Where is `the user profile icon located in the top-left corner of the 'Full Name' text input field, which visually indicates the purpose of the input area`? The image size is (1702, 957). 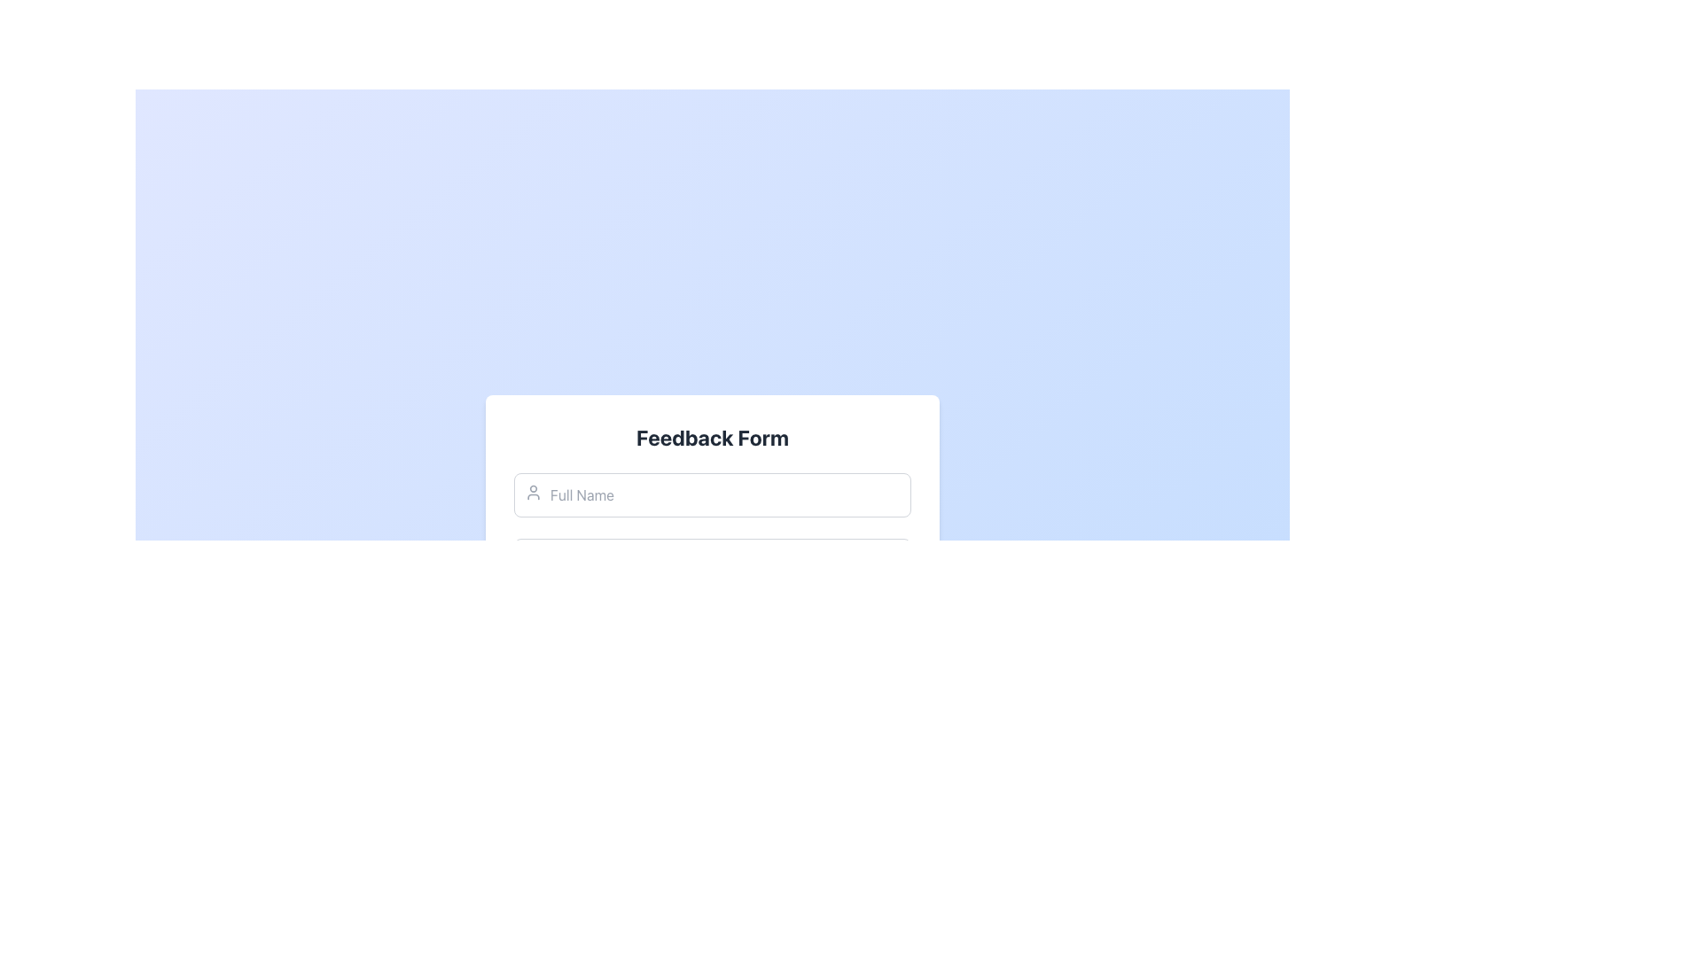 the user profile icon located in the top-left corner of the 'Full Name' text input field, which visually indicates the purpose of the input area is located at coordinates (532, 492).